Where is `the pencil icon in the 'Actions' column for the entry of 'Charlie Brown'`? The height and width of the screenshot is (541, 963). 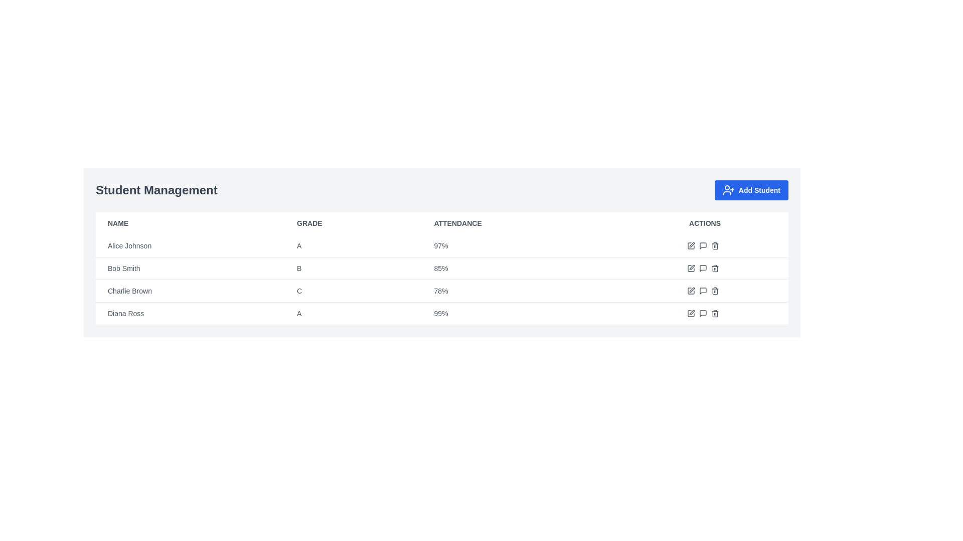
the pencil icon in the 'Actions' column for the entry of 'Charlie Brown' is located at coordinates (704, 291).